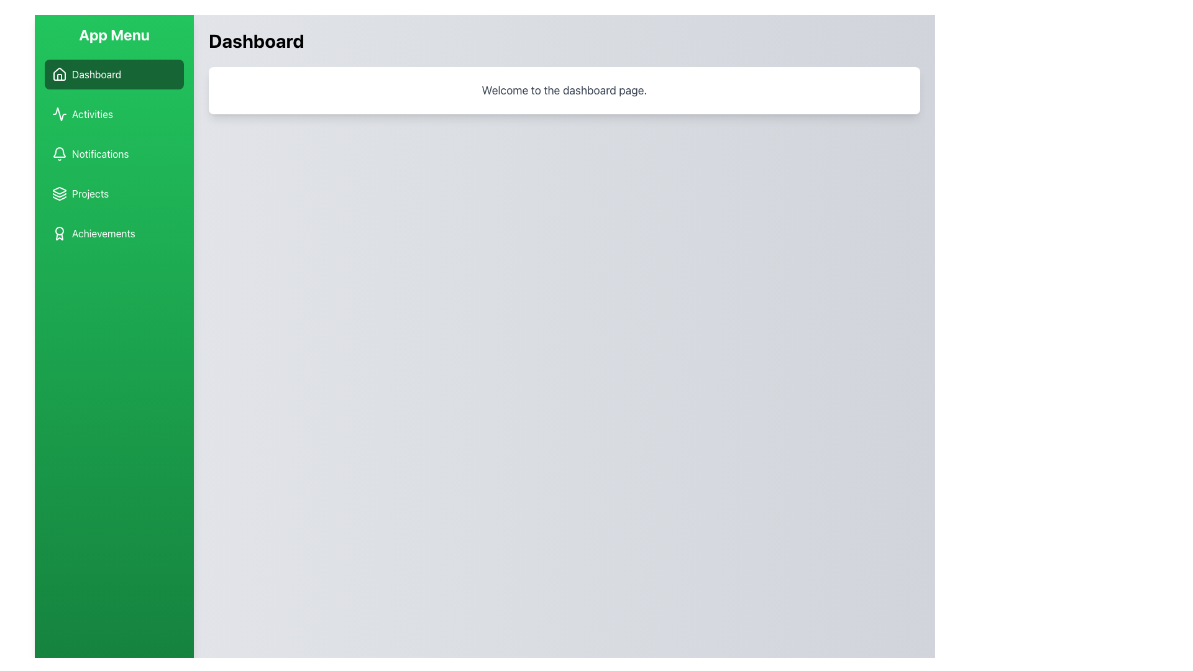  Describe the element at coordinates (114, 74) in the screenshot. I see `the green navigation button labeled 'Dashboard' with a house icon` at that location.